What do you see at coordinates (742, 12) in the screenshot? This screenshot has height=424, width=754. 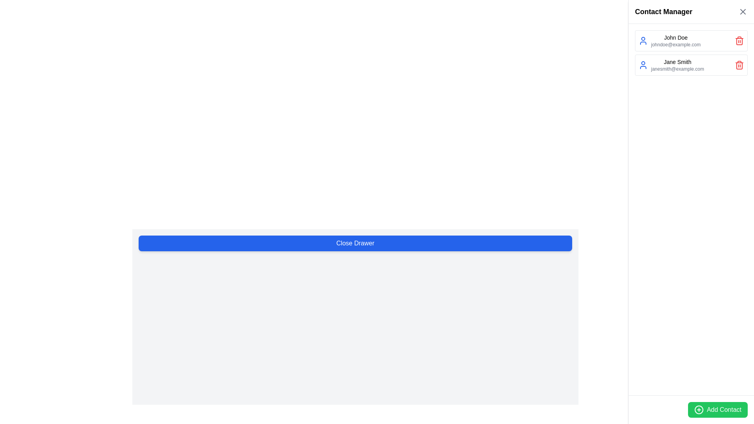 I see `the close button located at the top right corner of the 'Contact Manager' panel` at bounding box center [742, 12].